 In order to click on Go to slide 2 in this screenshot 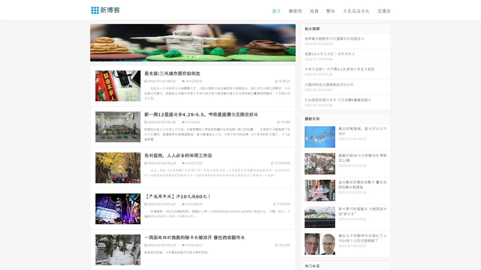, I will do `click(192, 56)`.